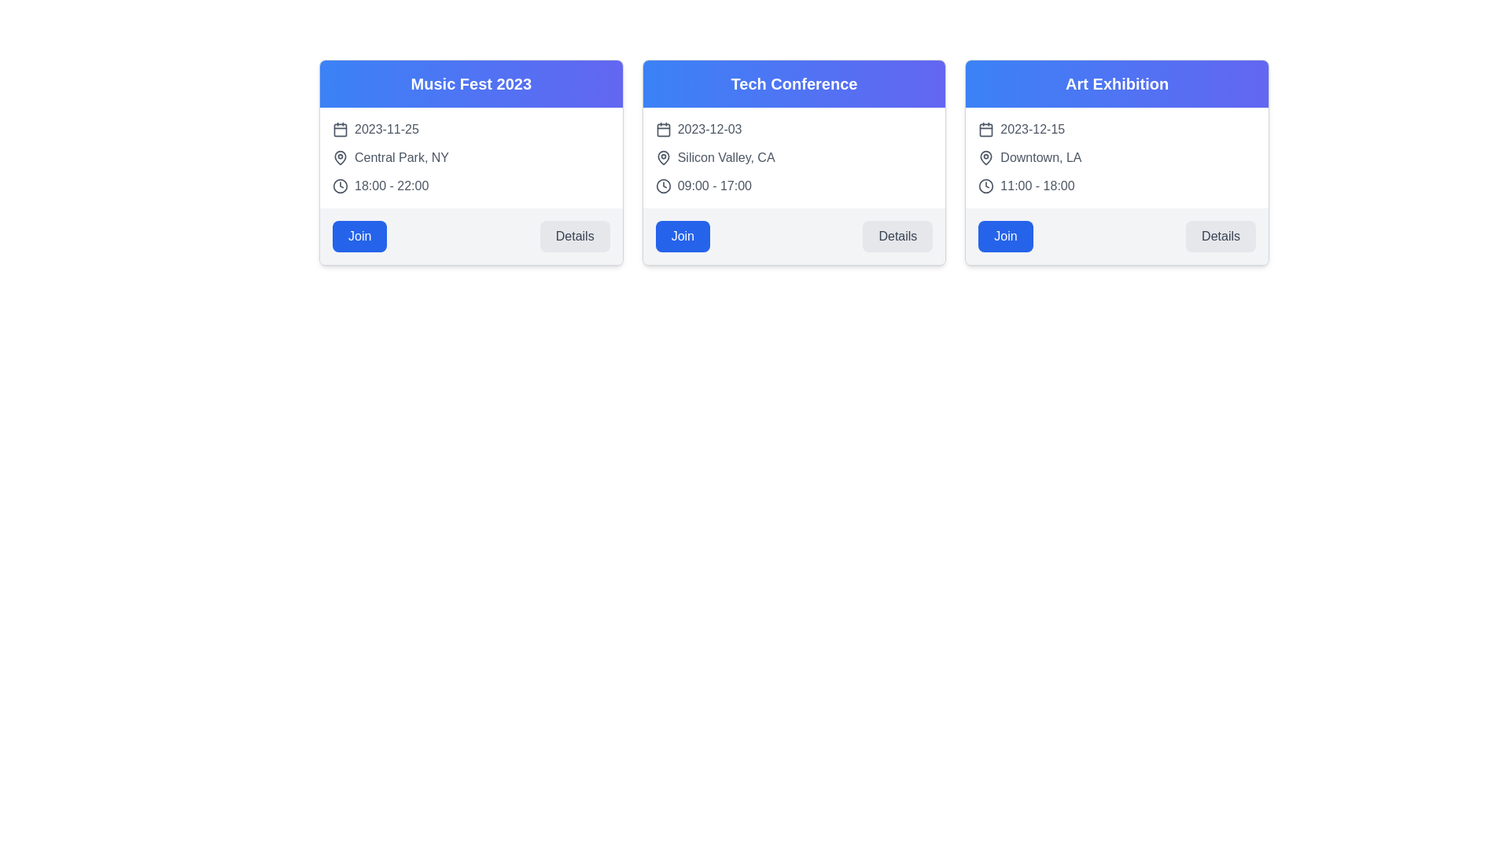  I want to click on text content of the title label located at the top section of the middle card in a three-card layout, which is positioned between 'Music Fest 2023' and 'Art Exhibition', so click(794, 84).